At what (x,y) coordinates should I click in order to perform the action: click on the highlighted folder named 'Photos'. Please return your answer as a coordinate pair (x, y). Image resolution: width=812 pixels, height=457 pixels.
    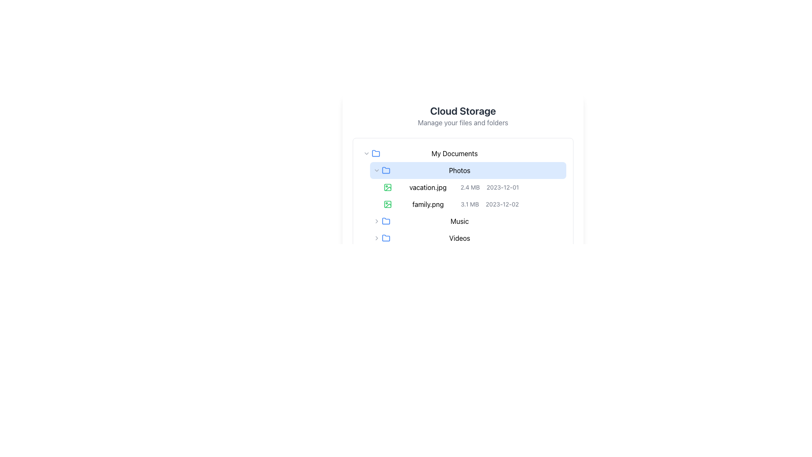
    Looking at the image, I should click on (462, 179).